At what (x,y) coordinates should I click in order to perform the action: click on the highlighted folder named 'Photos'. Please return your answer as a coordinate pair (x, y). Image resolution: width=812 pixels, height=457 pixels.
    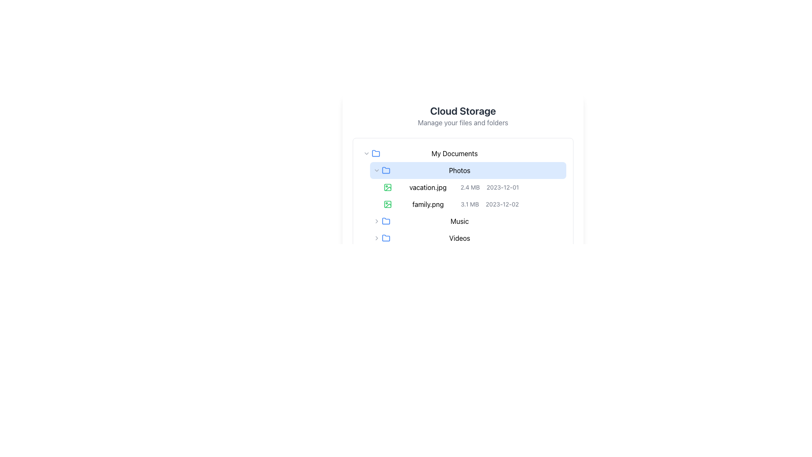
    Looking at the image, I should click on (462, 179).